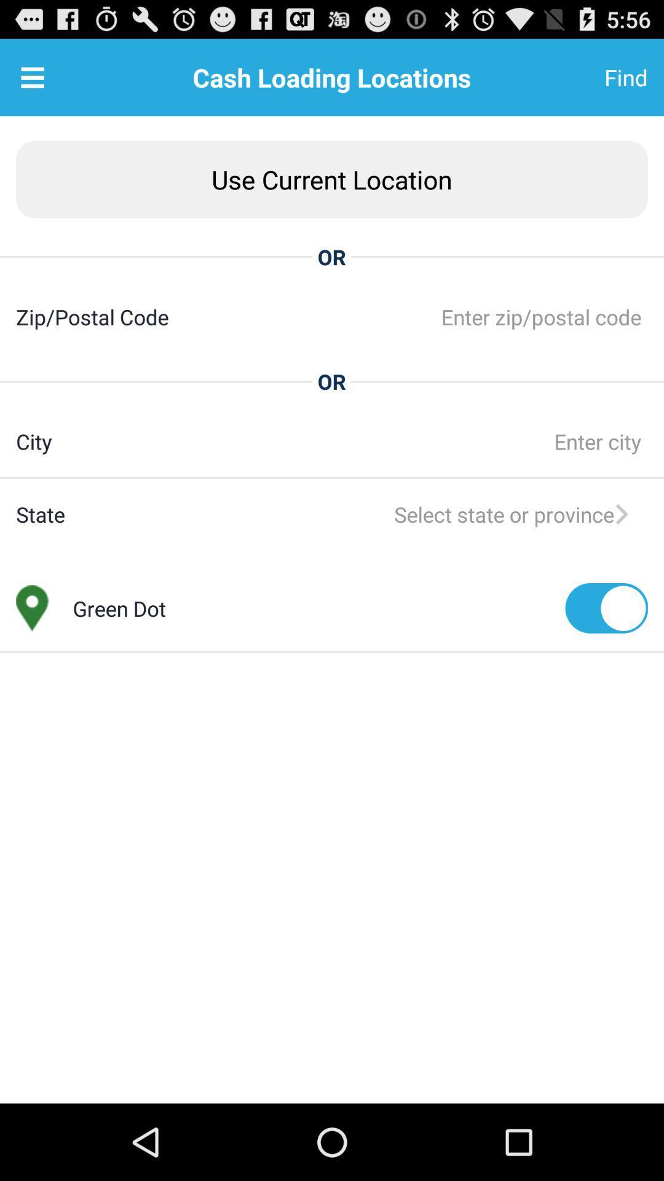 The image size is (664, 1181). What do you see at coordinates (408, 317) in the screenshot?
I see `the app to the right of zip/postal code` at bounding box center [408, 317].